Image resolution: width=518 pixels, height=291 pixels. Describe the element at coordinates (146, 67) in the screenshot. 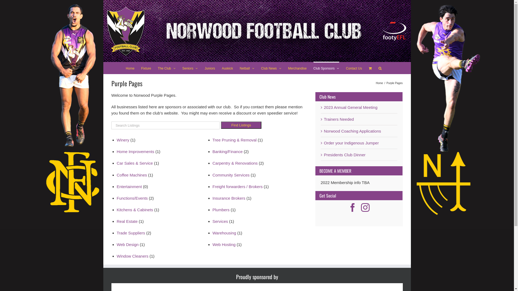

I see `'Fixture'` at that location.